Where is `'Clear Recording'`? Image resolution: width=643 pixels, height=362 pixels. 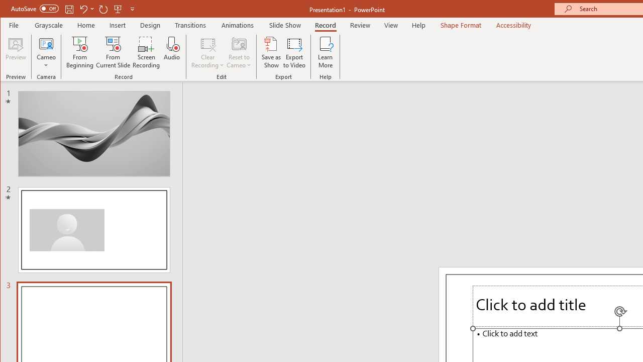
'Clear Recording' is located at coordinates (207, 52).